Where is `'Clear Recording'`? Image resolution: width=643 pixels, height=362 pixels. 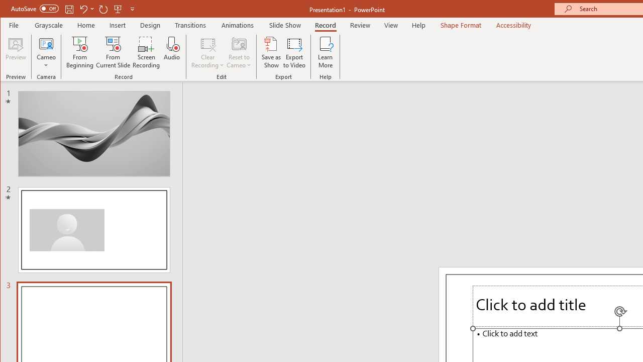
'Clear Recording' is located at coordinates (207, 52).